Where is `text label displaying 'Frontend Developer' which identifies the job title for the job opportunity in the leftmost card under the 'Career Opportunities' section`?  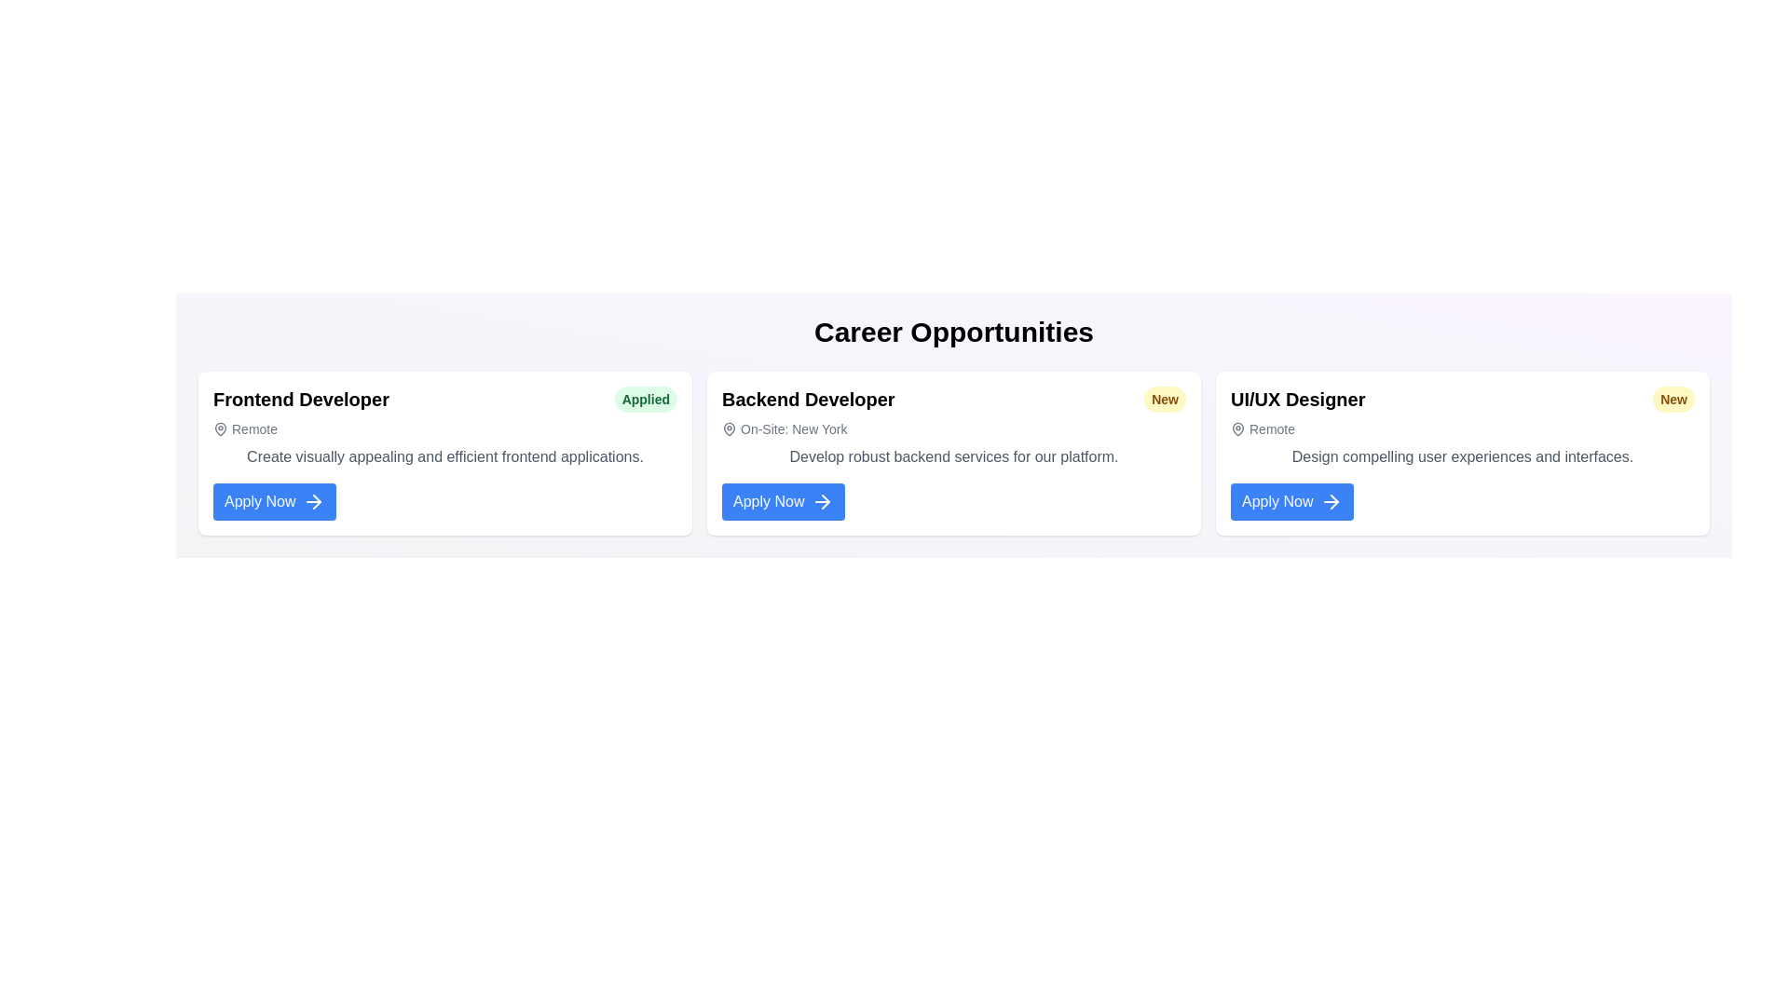 text label displaying 'Frontend Developer' which identifies the job title for the job opportunity in the leftmost card under the 'Career Opportunities' section is located at coordinates (301, 398).